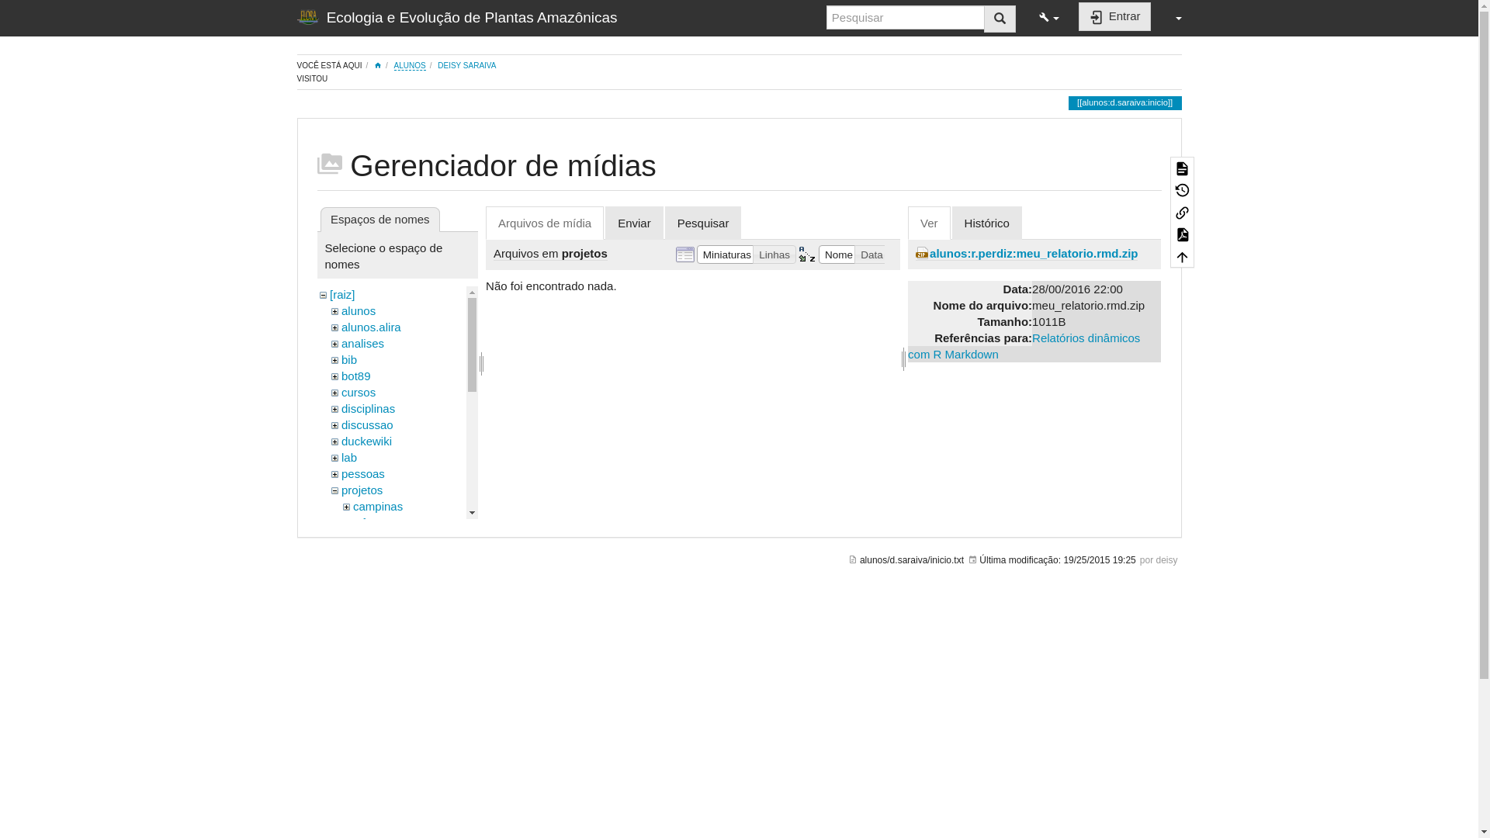 The height and width of the screenshot is (838, 1490). What do you see at coordinates (466, 64) in the screenshot?
I see `'DEISY SARAIVA'` at bounding box center [466, 64].